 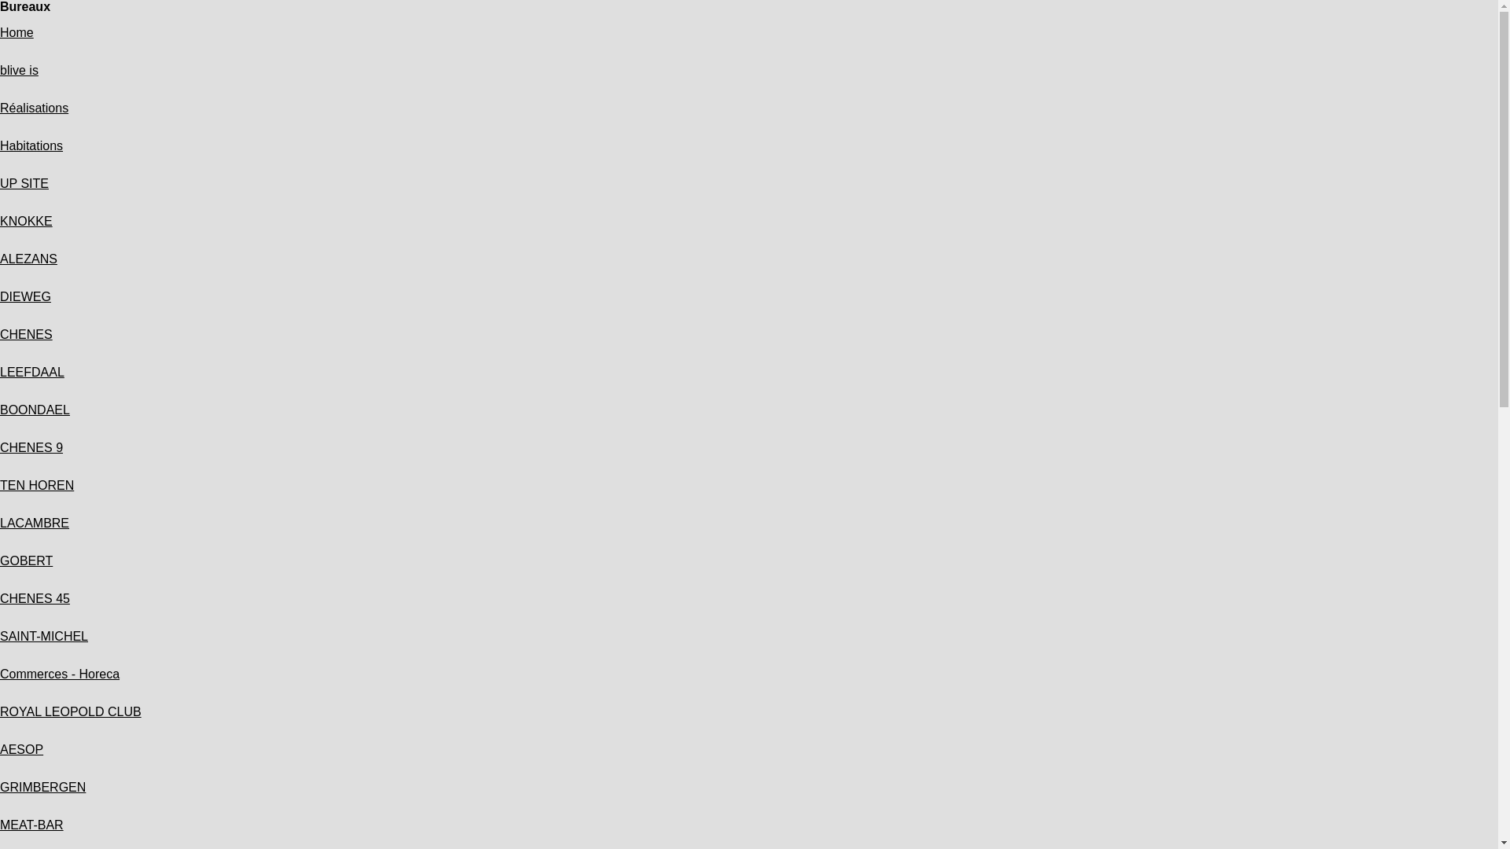 What do you see at coordinates (31, 824) in the screenshot?
I see `'MEAT-BAR'` at bounding box center [31, 824].